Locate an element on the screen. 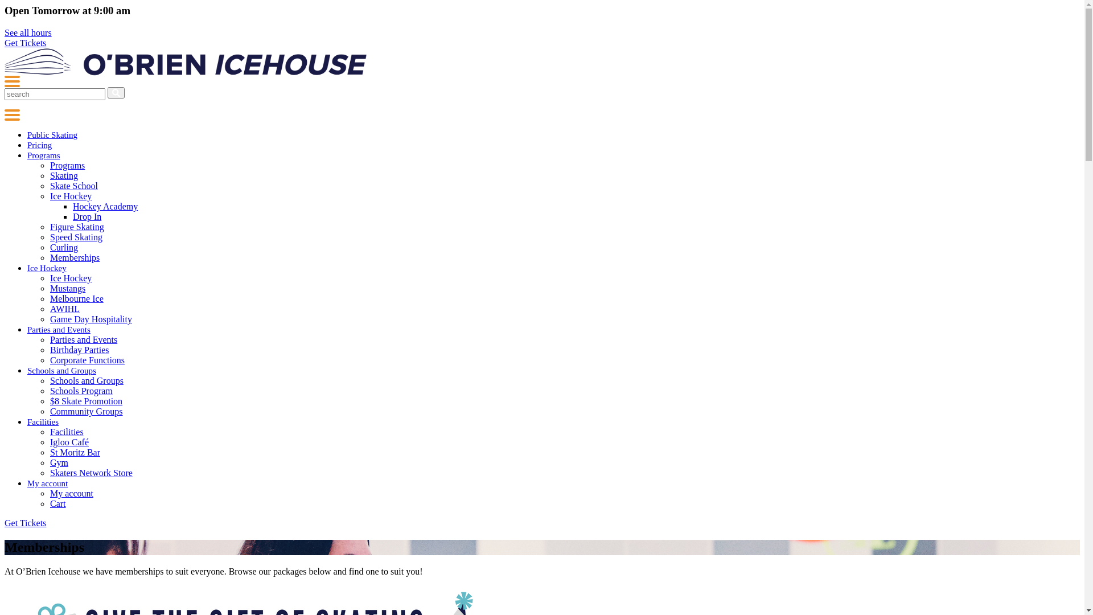  'Get Tickets' is located at coordinates (25, 42).